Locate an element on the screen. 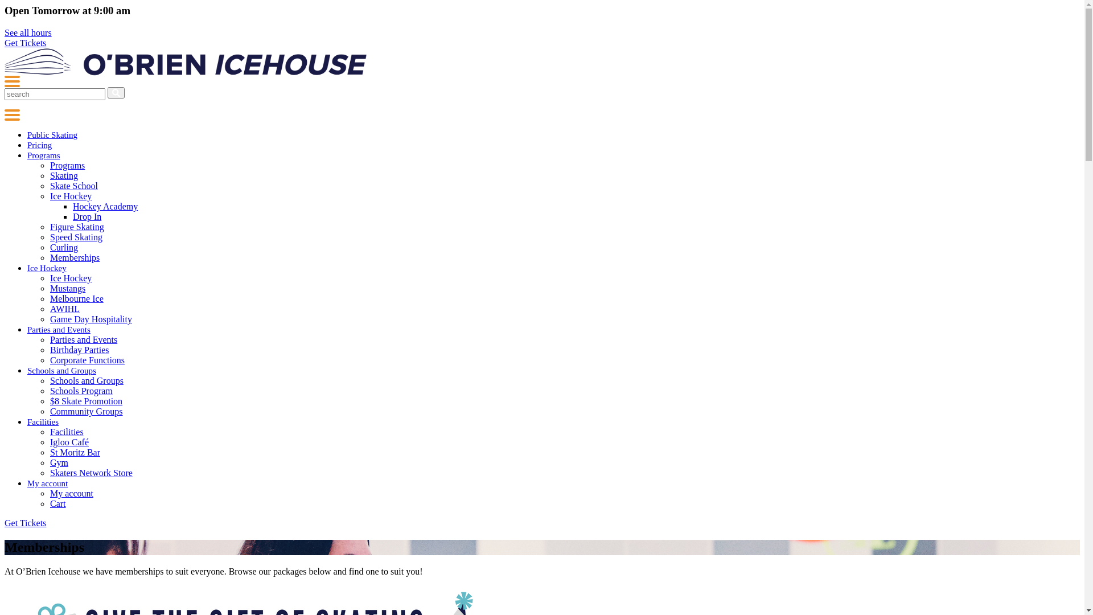  'Get Tickets' is located at coordinates (25, 42).